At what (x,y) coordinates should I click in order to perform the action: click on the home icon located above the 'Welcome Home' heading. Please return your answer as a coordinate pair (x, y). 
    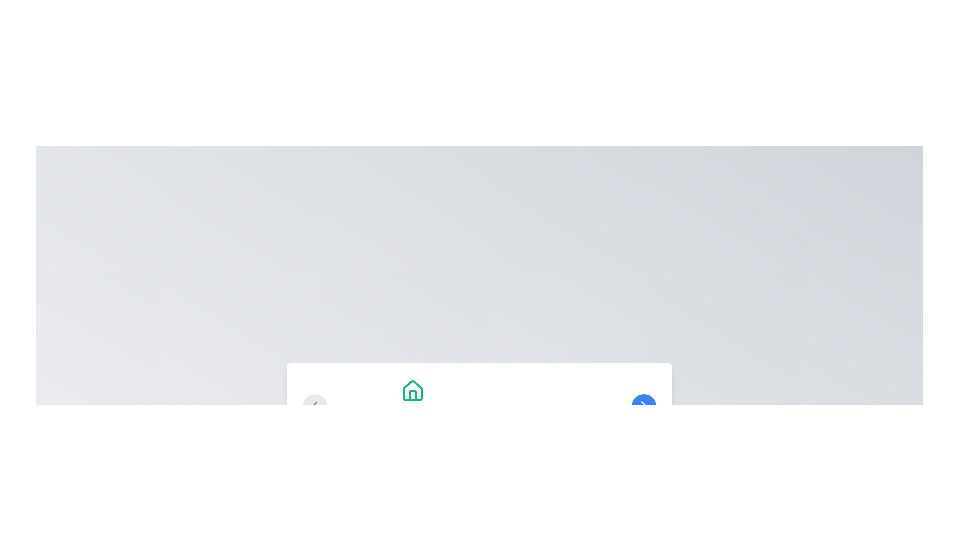
    Looking at the image, I should click on (412, 390).